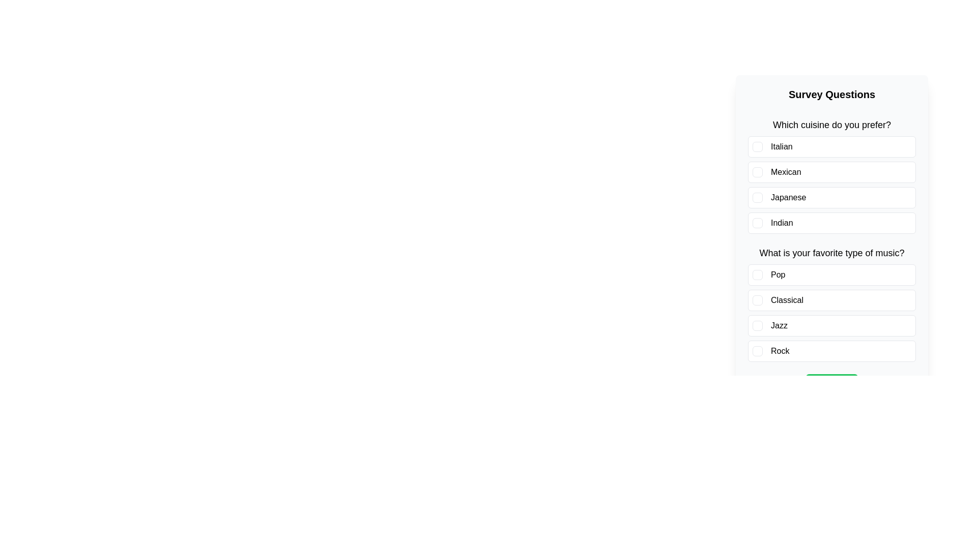 This screenshot has width=977, height=549. Describe the element at coordinates (832, 223) in the screenshot. I see `the answer option Indian` at that location.